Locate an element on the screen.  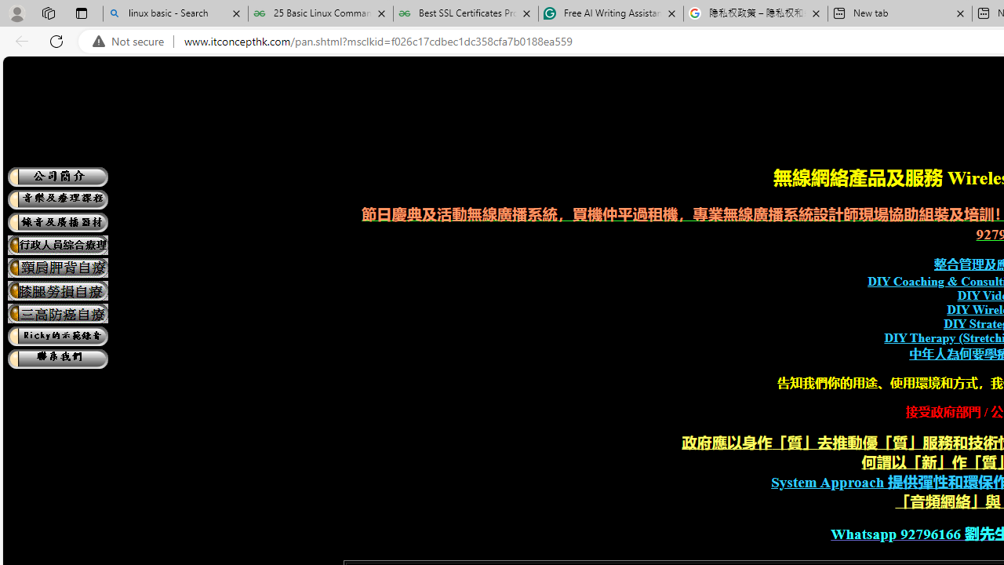
'Not secure' is located at coordinates (132, 41).